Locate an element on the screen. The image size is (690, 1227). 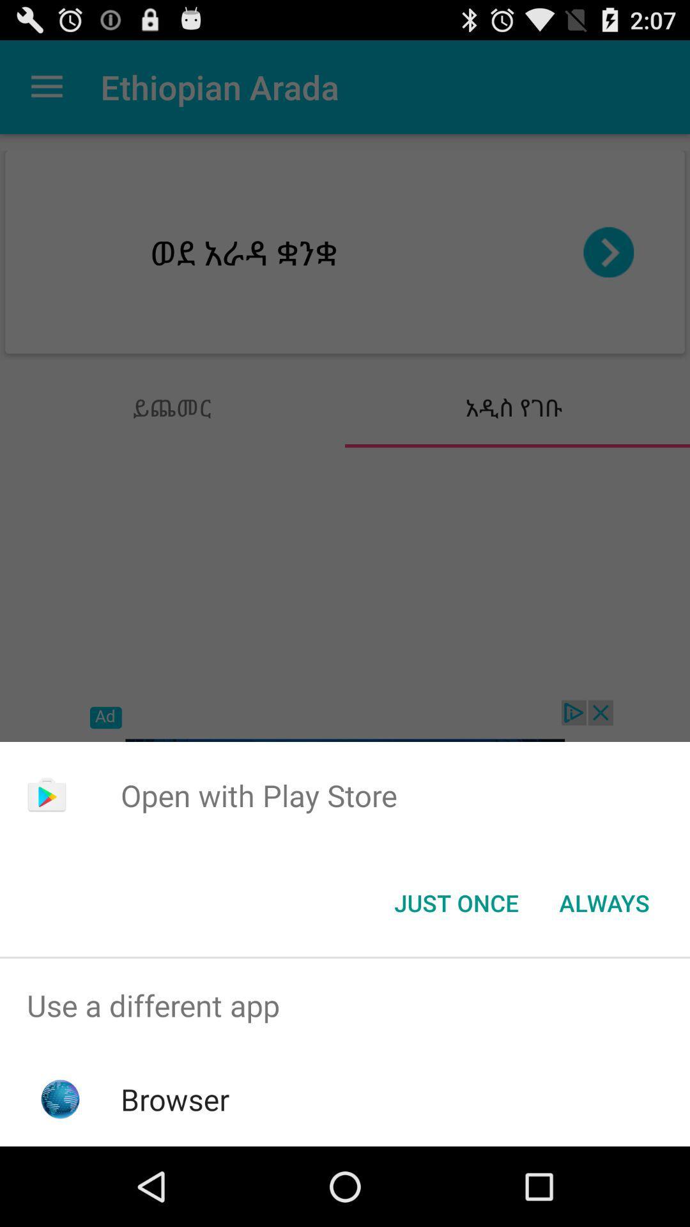
the icon next to just once button is located at coordinates (604, 902).